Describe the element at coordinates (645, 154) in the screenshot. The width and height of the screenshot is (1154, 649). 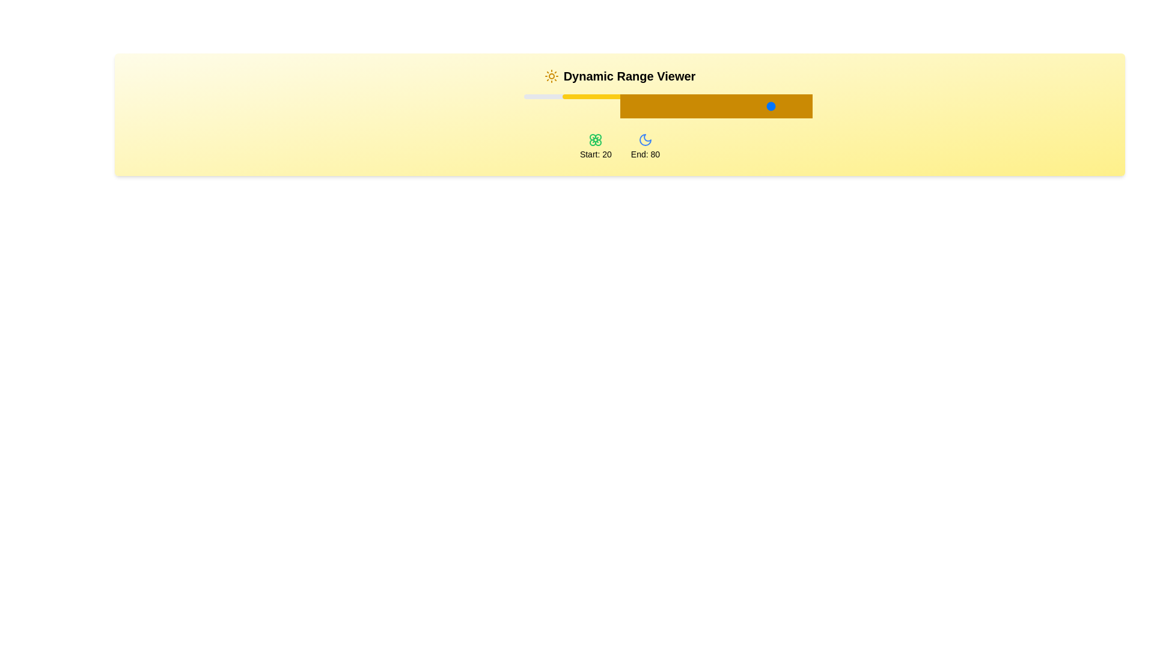
I see `the text label displaying 'End: 80', which is positioned at the bottom center of a card-like section, directly below a moon icon` at that location.